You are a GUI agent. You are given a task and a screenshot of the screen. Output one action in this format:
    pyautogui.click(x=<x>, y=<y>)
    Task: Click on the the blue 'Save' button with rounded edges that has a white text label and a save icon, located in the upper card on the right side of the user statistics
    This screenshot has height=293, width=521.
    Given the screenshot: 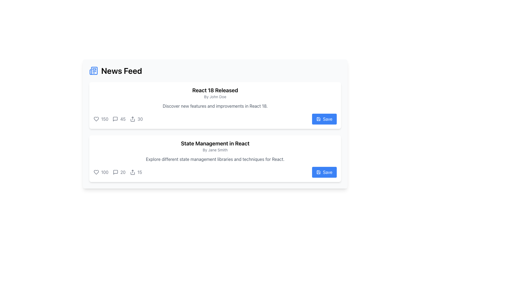 What is the action you would take?
    pyautogui.click(x=324, y=119)
    